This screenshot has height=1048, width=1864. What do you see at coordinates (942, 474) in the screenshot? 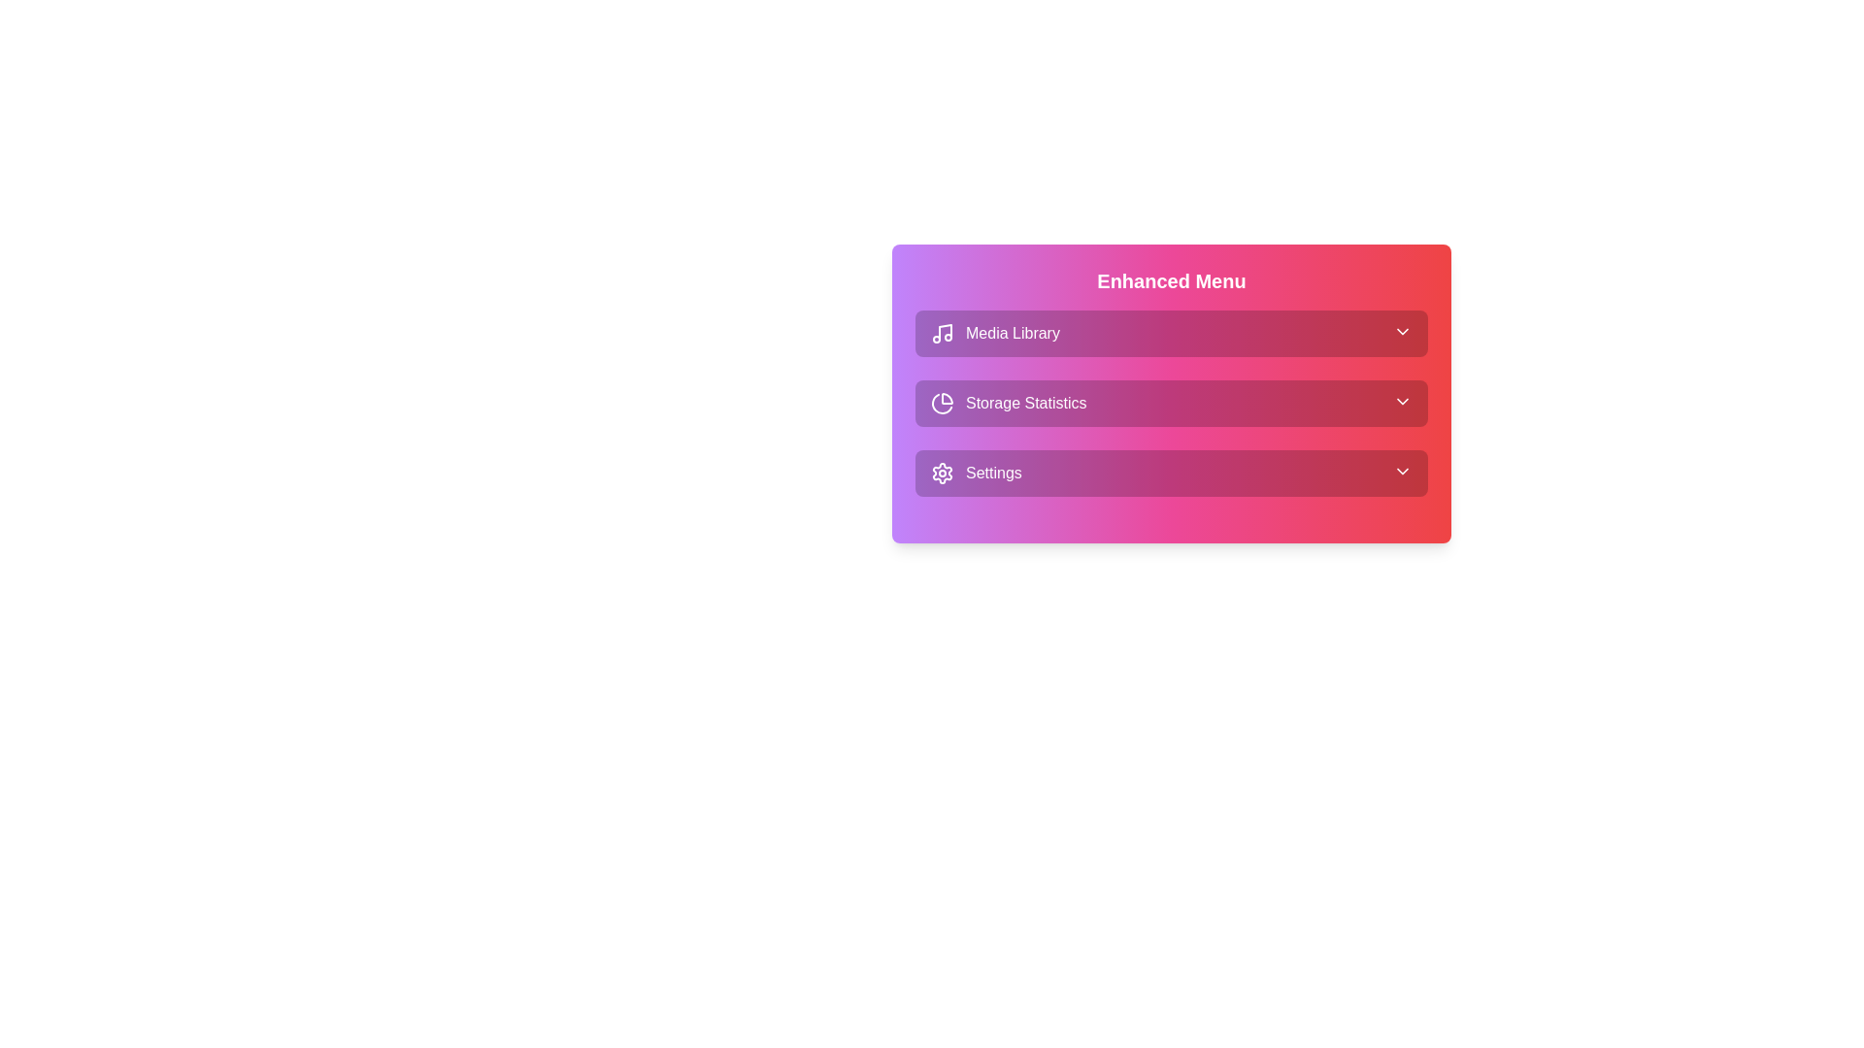
I see `the gear icon representing settings in the menu card` at bounding box center [942, 474].